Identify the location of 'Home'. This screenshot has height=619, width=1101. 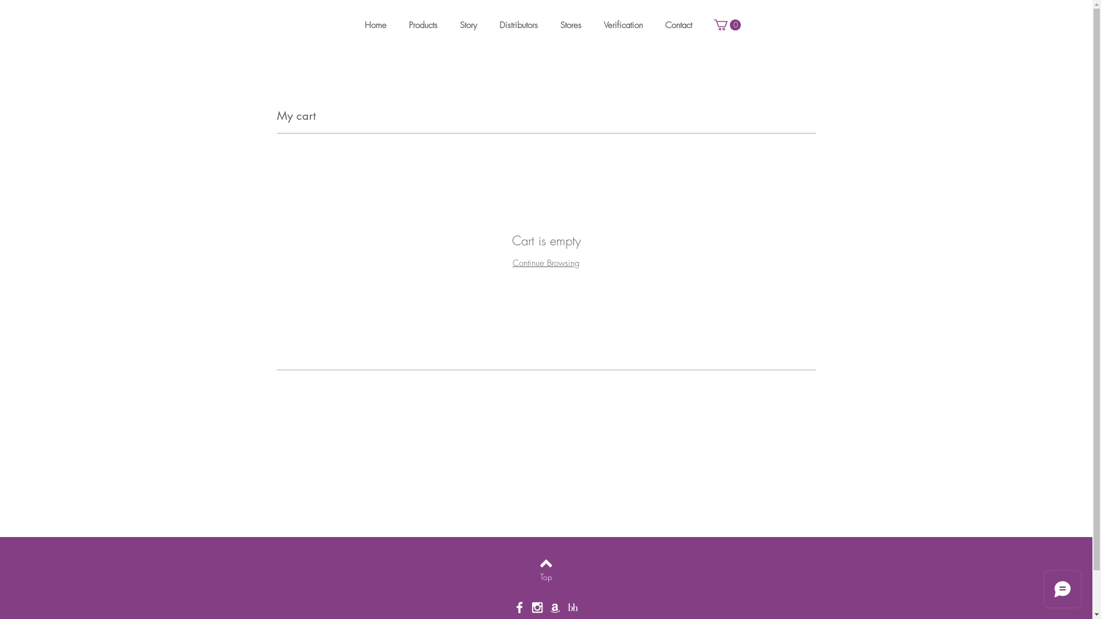
(378, 25).